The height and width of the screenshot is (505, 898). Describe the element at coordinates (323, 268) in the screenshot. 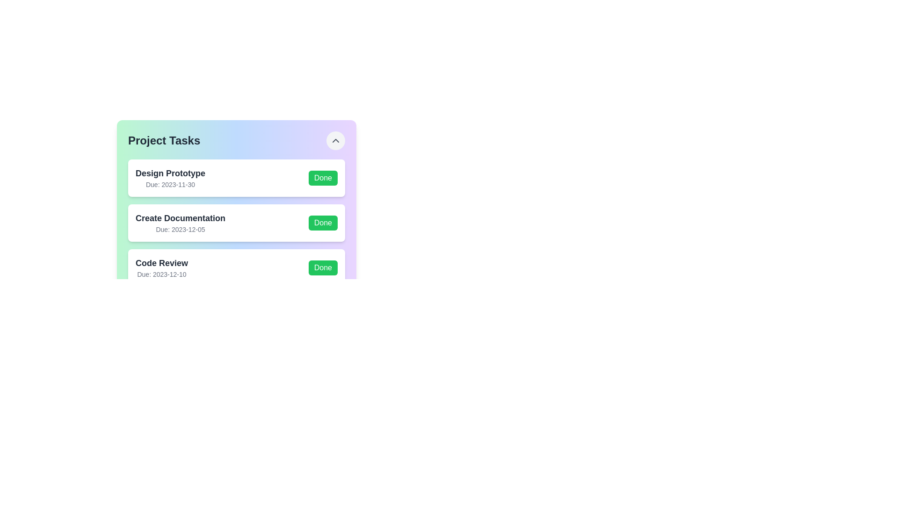

I see `'Done' button for the task 'Code Review'` at that location.